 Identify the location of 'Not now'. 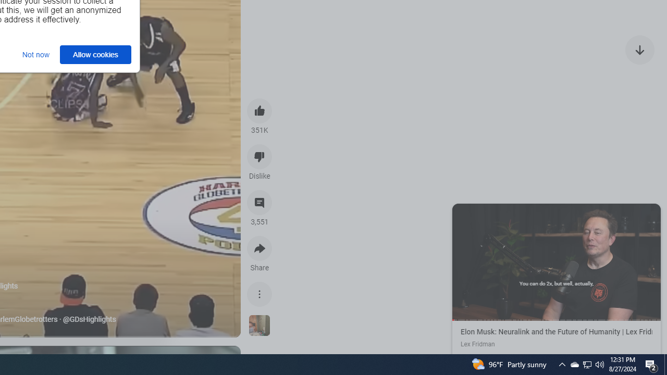
(36, 54).